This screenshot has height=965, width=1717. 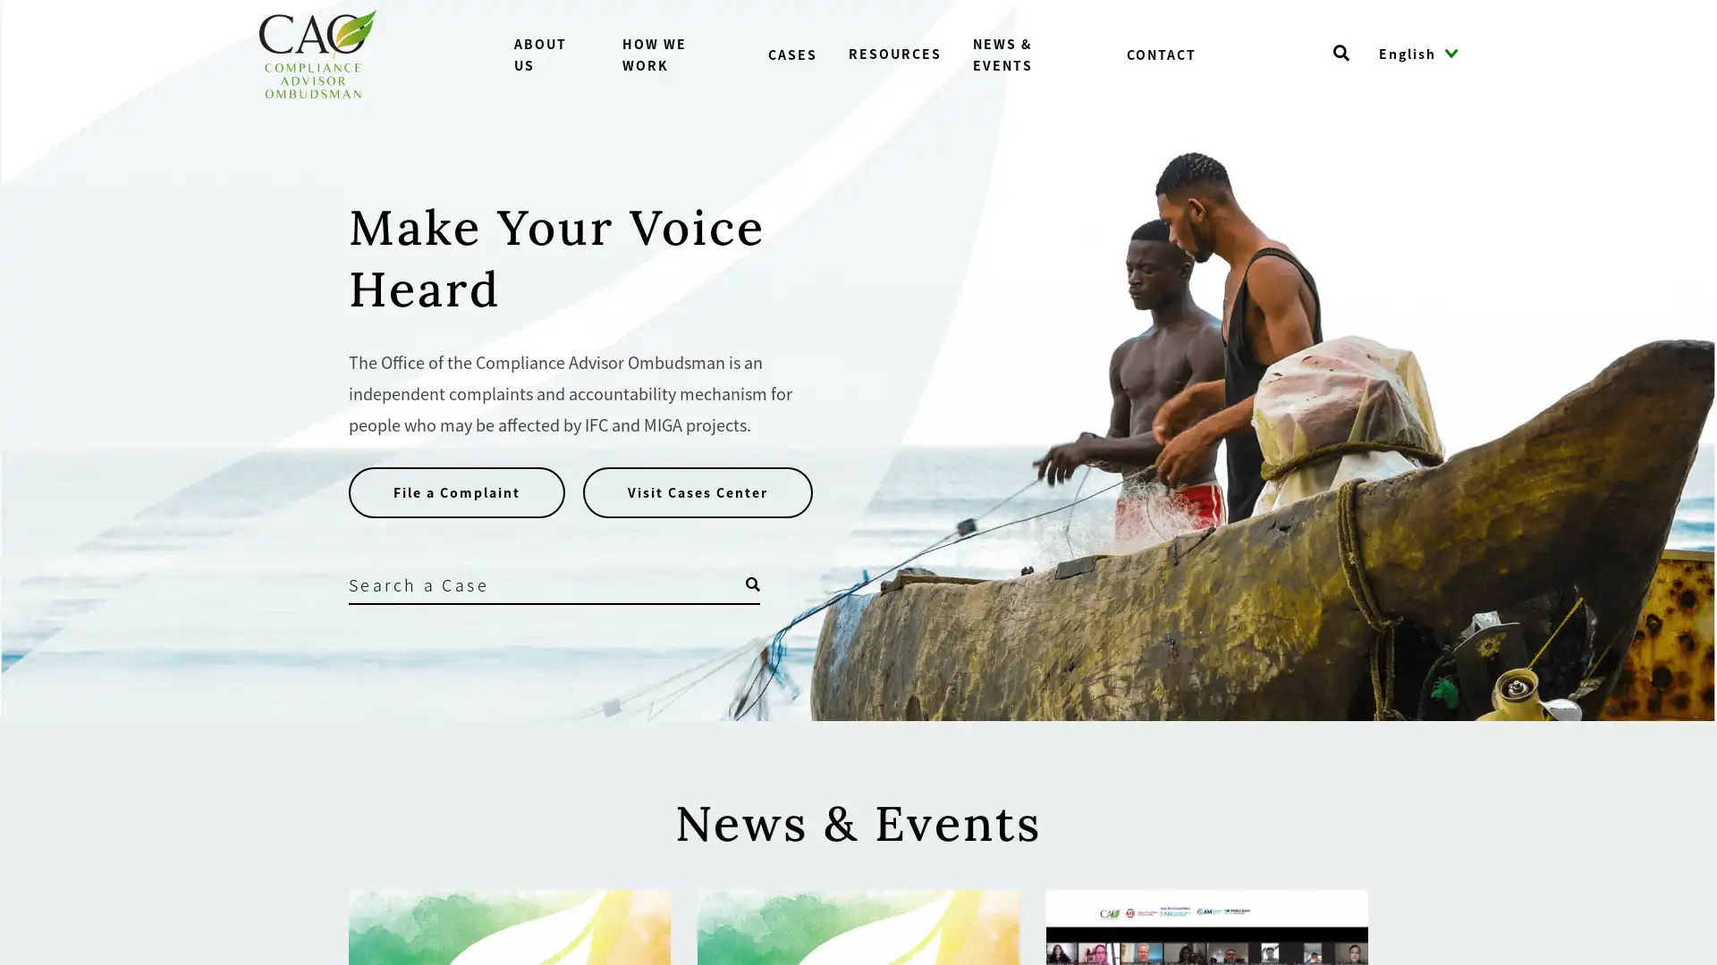 What do you see at coordinates (752, 584) in the screenshot?
I see `Open search` at bounding box center [752, 584].